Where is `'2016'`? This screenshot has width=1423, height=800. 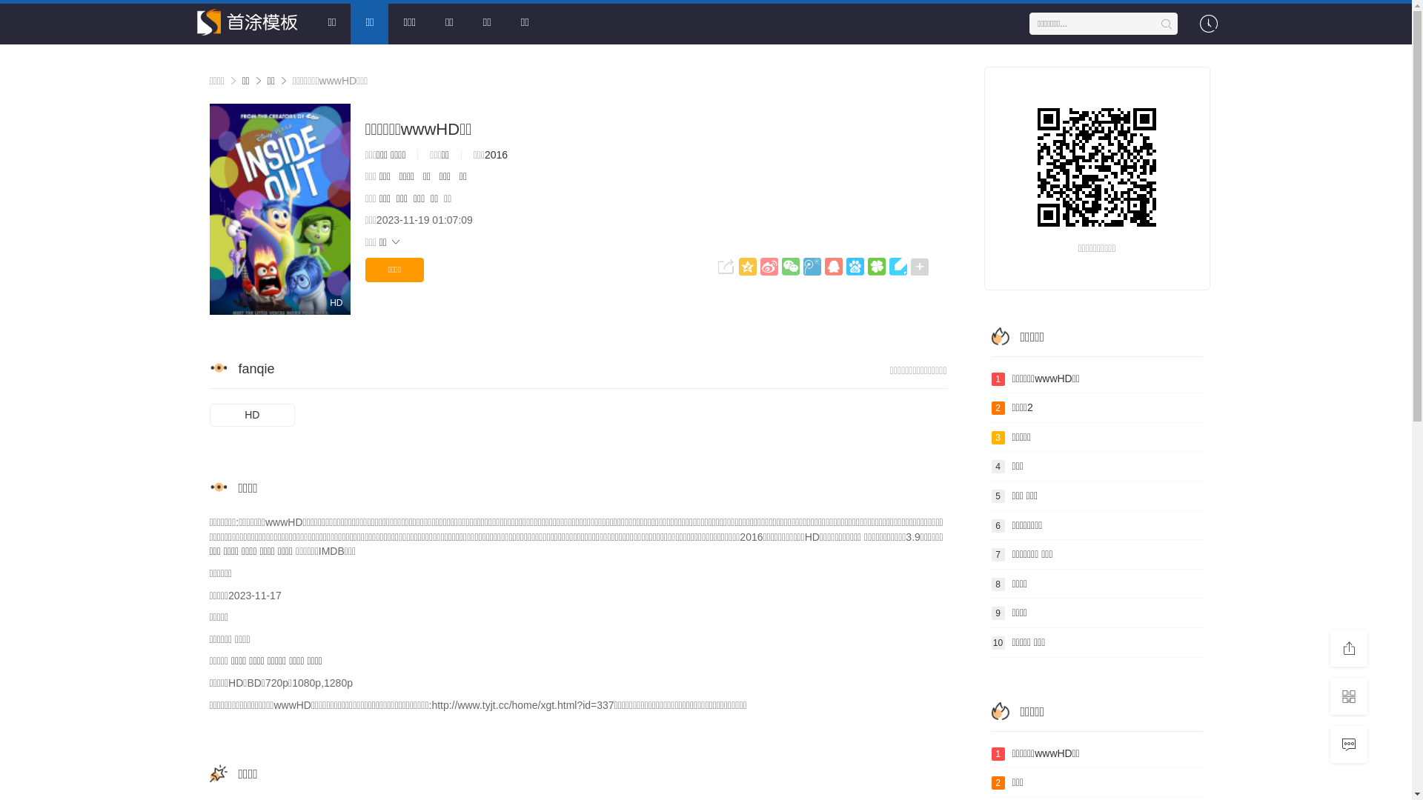
'2016' is located at coordinates (496, 154).